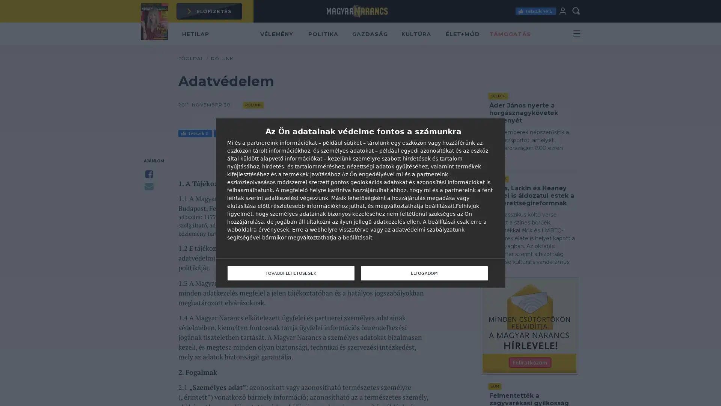  I want to click on ELFOGADOM, so click(424, 273).